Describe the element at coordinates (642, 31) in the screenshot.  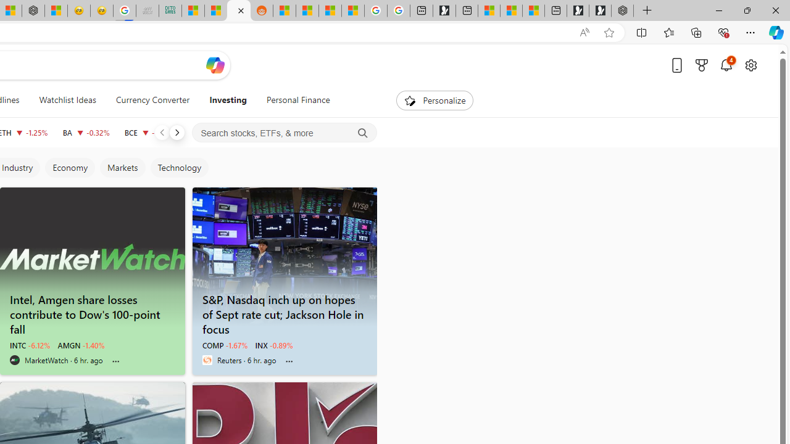
I see `'Split screen'` at that location.